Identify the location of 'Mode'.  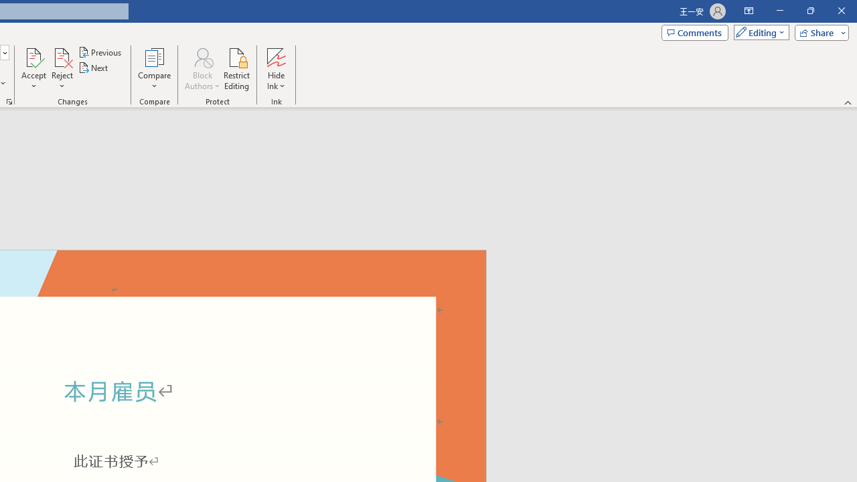
(759, 31).